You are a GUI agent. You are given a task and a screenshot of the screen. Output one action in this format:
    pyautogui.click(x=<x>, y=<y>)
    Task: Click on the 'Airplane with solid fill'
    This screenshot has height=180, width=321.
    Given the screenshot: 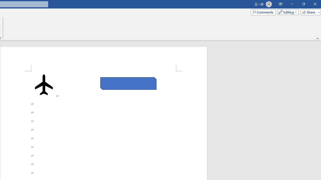 What is the action you would take?
    pyautogui.click(x=44, y=84)
    